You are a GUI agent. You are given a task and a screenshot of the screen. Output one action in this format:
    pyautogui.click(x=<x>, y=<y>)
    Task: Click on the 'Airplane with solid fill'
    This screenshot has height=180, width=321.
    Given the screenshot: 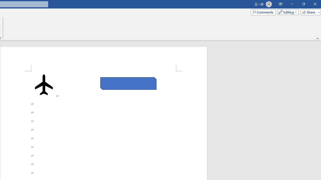 What is the action you would take?
    pyautogui.click(x=44, y=84)
    